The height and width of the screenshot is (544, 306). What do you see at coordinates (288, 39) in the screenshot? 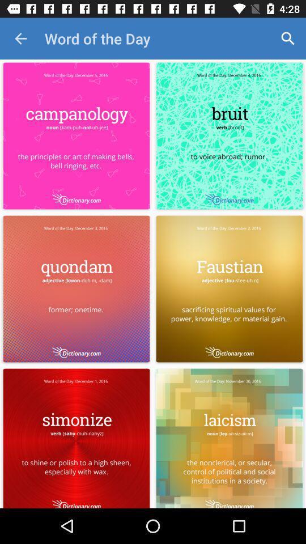
I see `the icon to the right of word of the icon` at bounding box center [288, 39].